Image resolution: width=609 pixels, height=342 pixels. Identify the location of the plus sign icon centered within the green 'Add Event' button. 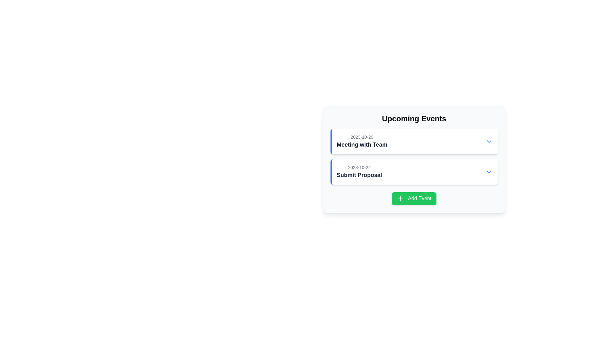
(400, 198).